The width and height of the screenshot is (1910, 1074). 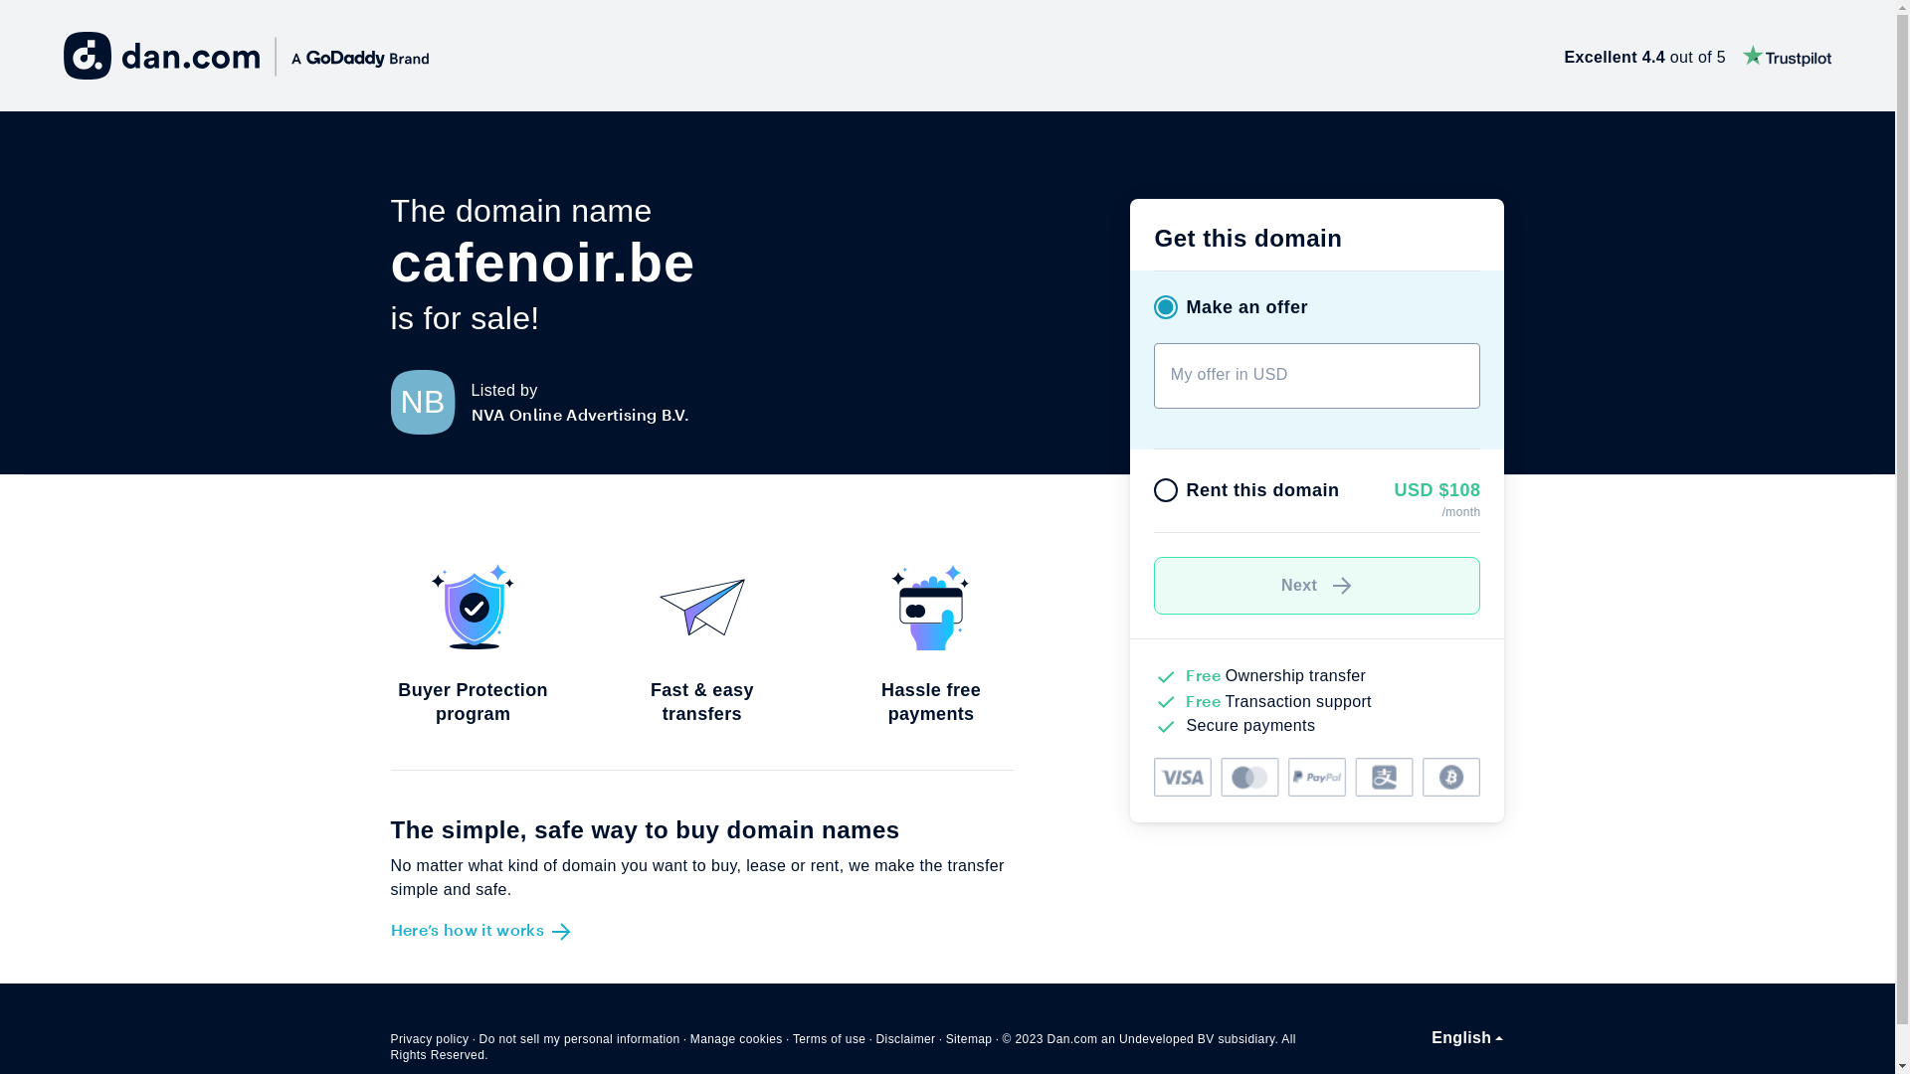 What do you see at coordinates (1317, 585) in the screenshot?
I see `'Next` at bounding box center [1317, 585].